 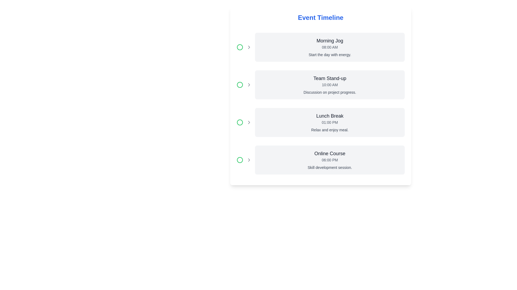 What do you see at coordinates (240, 85) in the screenshot?
I see `the green circle icon located on the leftmost side of the 'Team Stand-up' event entry, which serves as a status indicator for the event` at bounding box center [240, 85].